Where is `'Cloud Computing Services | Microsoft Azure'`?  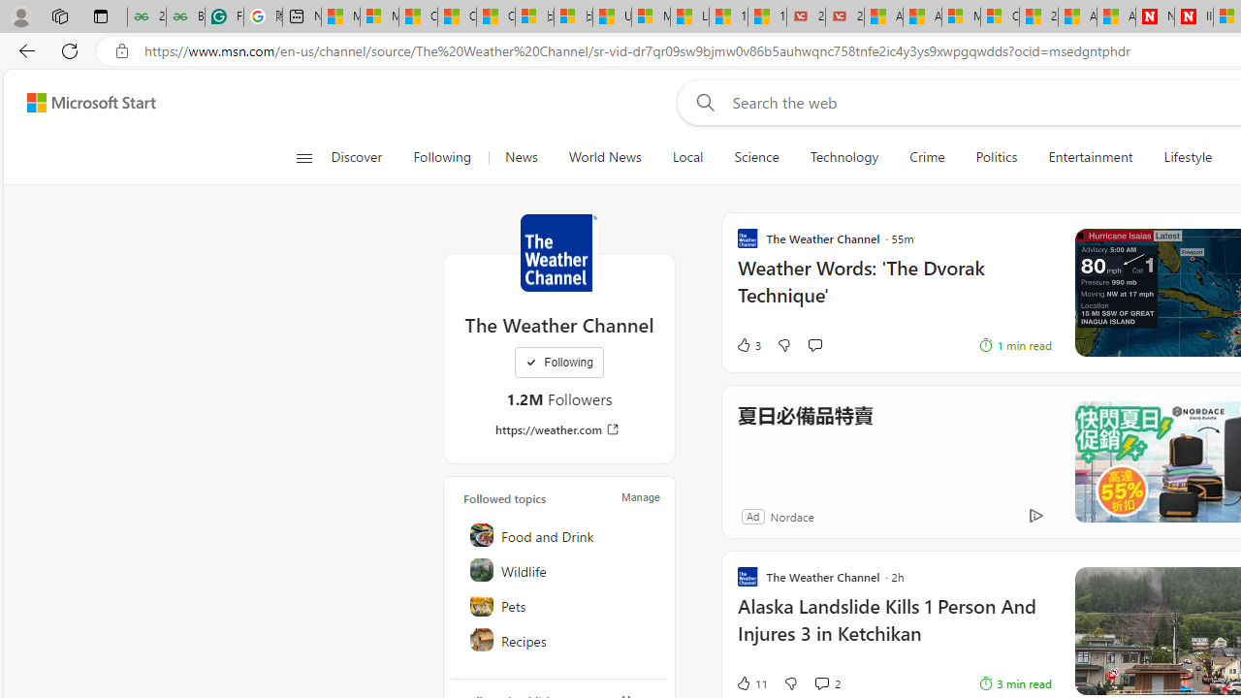
'Cloud Computing Services | Microsoft Azure' is located at coordinates (1000, 16).